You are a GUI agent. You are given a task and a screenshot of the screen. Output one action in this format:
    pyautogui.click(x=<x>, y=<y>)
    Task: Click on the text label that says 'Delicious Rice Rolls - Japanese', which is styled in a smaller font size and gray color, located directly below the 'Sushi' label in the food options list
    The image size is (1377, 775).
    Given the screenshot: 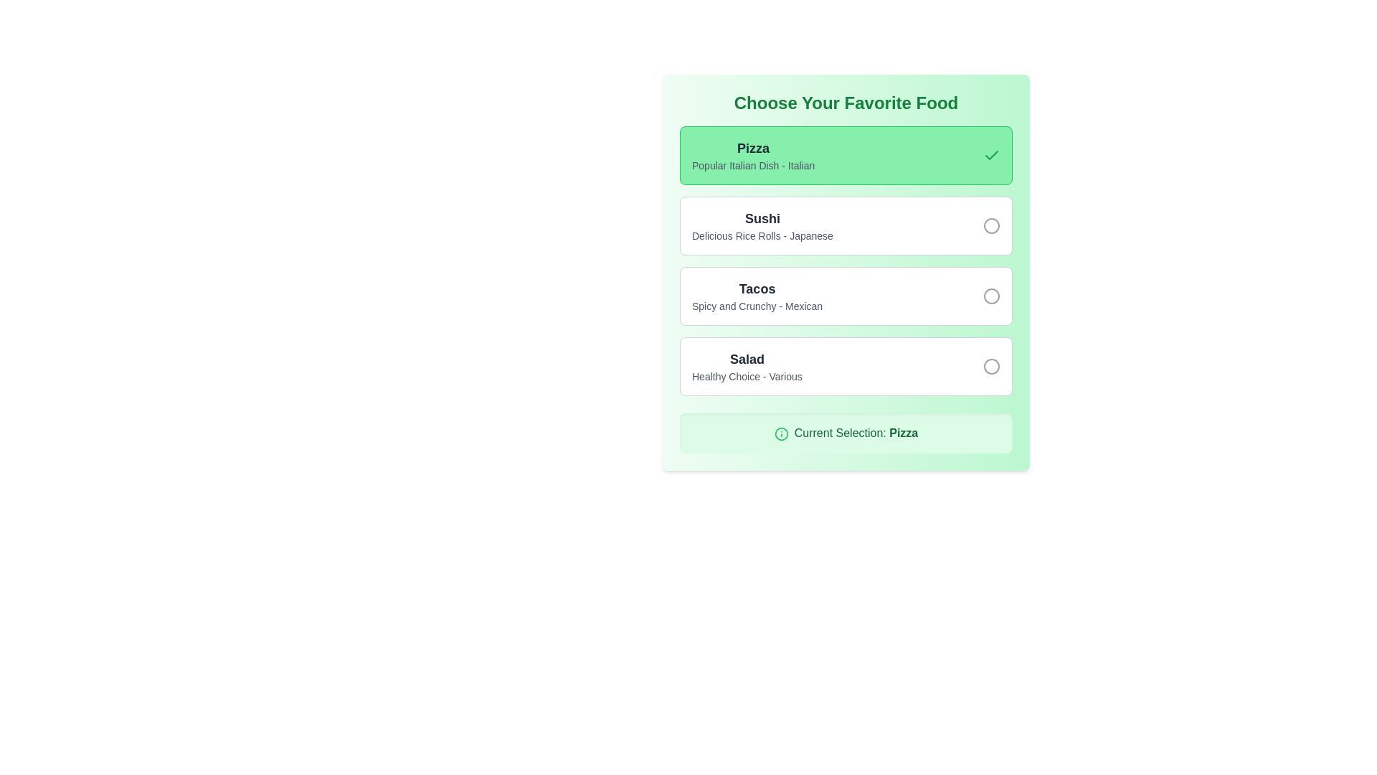 What is the action you would take?
    pyautogui.click(x=762, y=235)
    